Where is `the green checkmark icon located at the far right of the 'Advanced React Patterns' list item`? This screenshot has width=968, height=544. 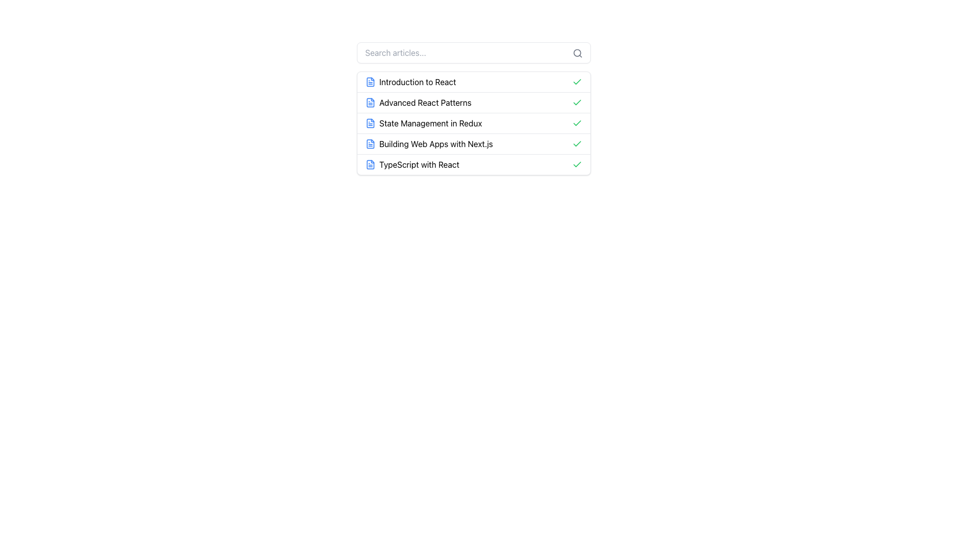 the green checkmark icon located at the far right of the 'Advanced React Patterns' list item is located at coordinates (577, 103).